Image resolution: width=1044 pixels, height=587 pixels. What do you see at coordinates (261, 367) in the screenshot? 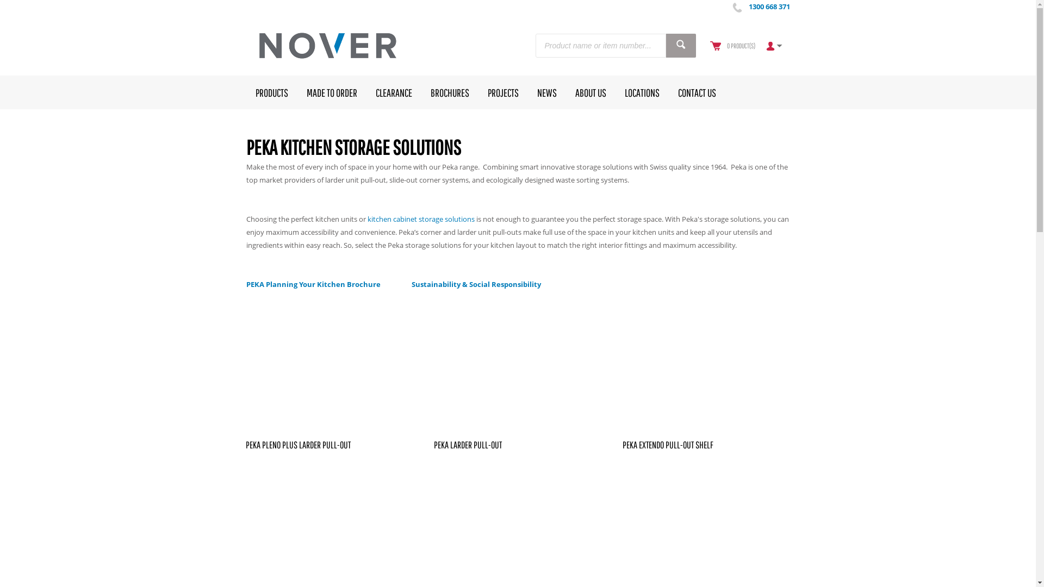
I see `'Peka Pleno Plus Larder Pull-Out'` at bounding box center [261, 367].